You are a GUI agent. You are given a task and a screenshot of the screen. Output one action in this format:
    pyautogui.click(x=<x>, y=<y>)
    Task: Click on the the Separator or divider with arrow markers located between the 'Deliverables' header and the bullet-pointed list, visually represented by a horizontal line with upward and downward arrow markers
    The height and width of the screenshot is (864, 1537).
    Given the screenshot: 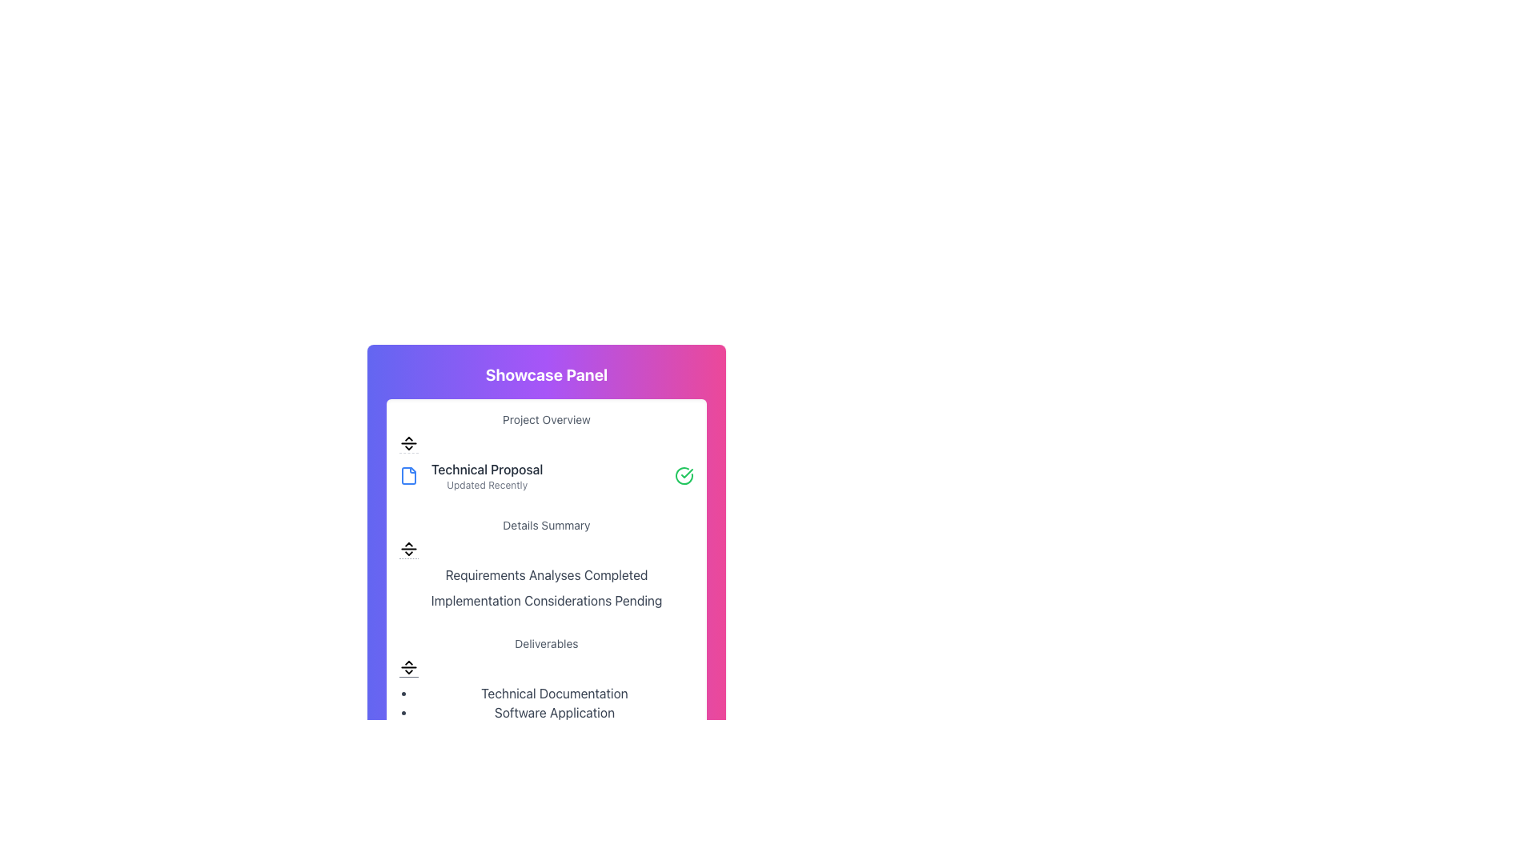 What is the action you would take?
    pyautogui.click(x=408, y=667)
    